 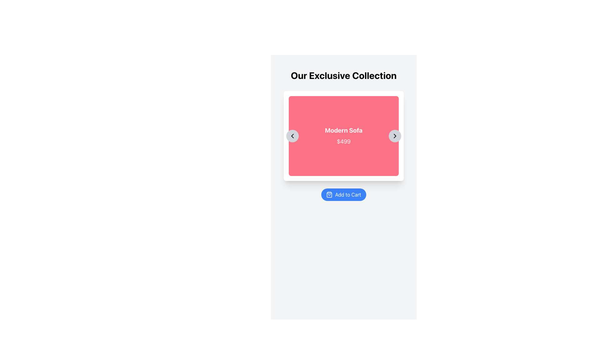 What do you see at coordinates (329, 194) in the screenshot?
I see `the shopping bag icon located to the left of the 'Add to Cart' button` at bounding box center [329, 194].